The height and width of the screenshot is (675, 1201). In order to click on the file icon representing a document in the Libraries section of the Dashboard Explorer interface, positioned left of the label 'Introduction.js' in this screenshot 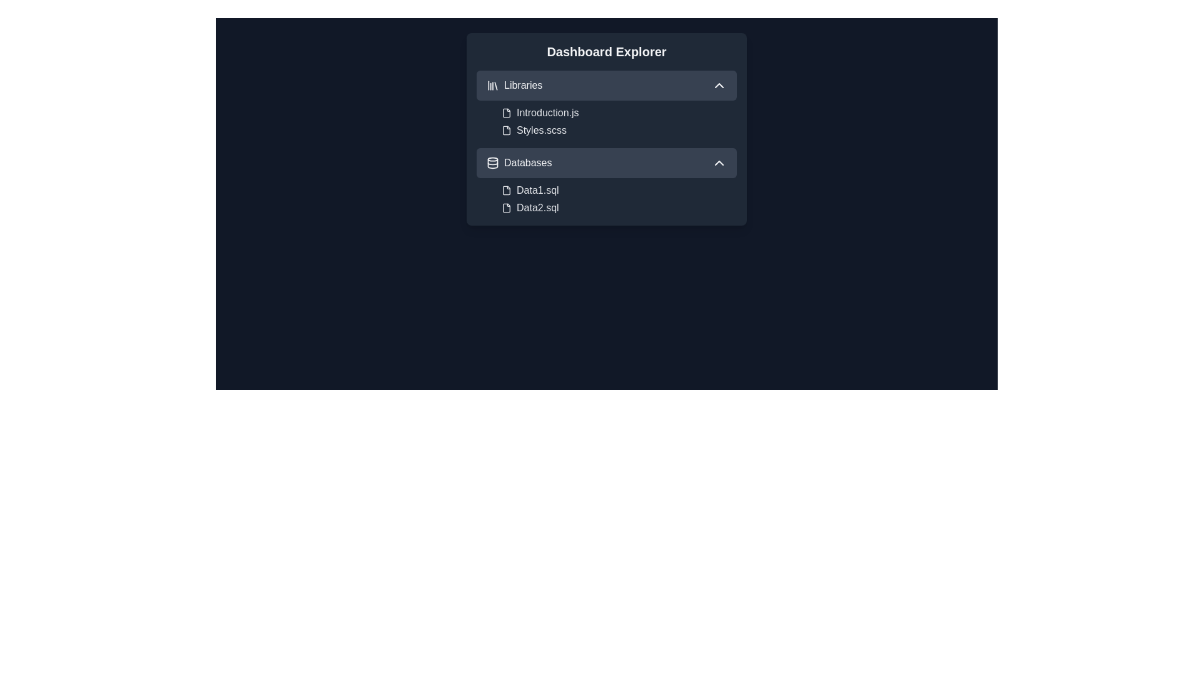, I will do `click(507, 113)`.